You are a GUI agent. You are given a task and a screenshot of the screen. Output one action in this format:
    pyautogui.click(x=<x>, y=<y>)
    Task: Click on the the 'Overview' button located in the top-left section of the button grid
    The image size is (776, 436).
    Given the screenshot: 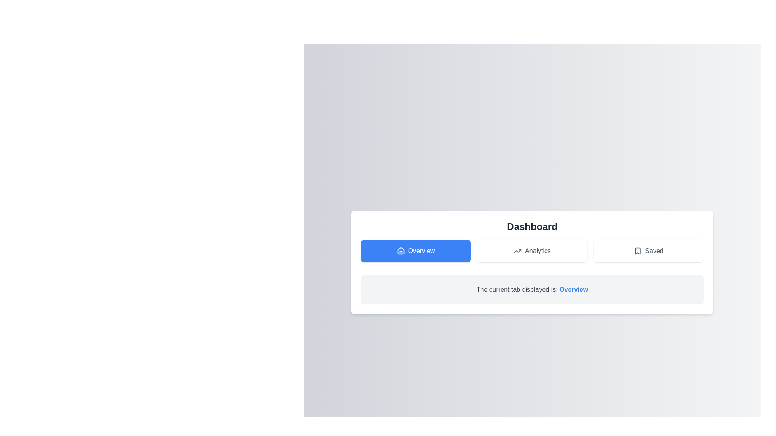 What is the action you would take?
    pyautogui.click(x=415, y=250)
    